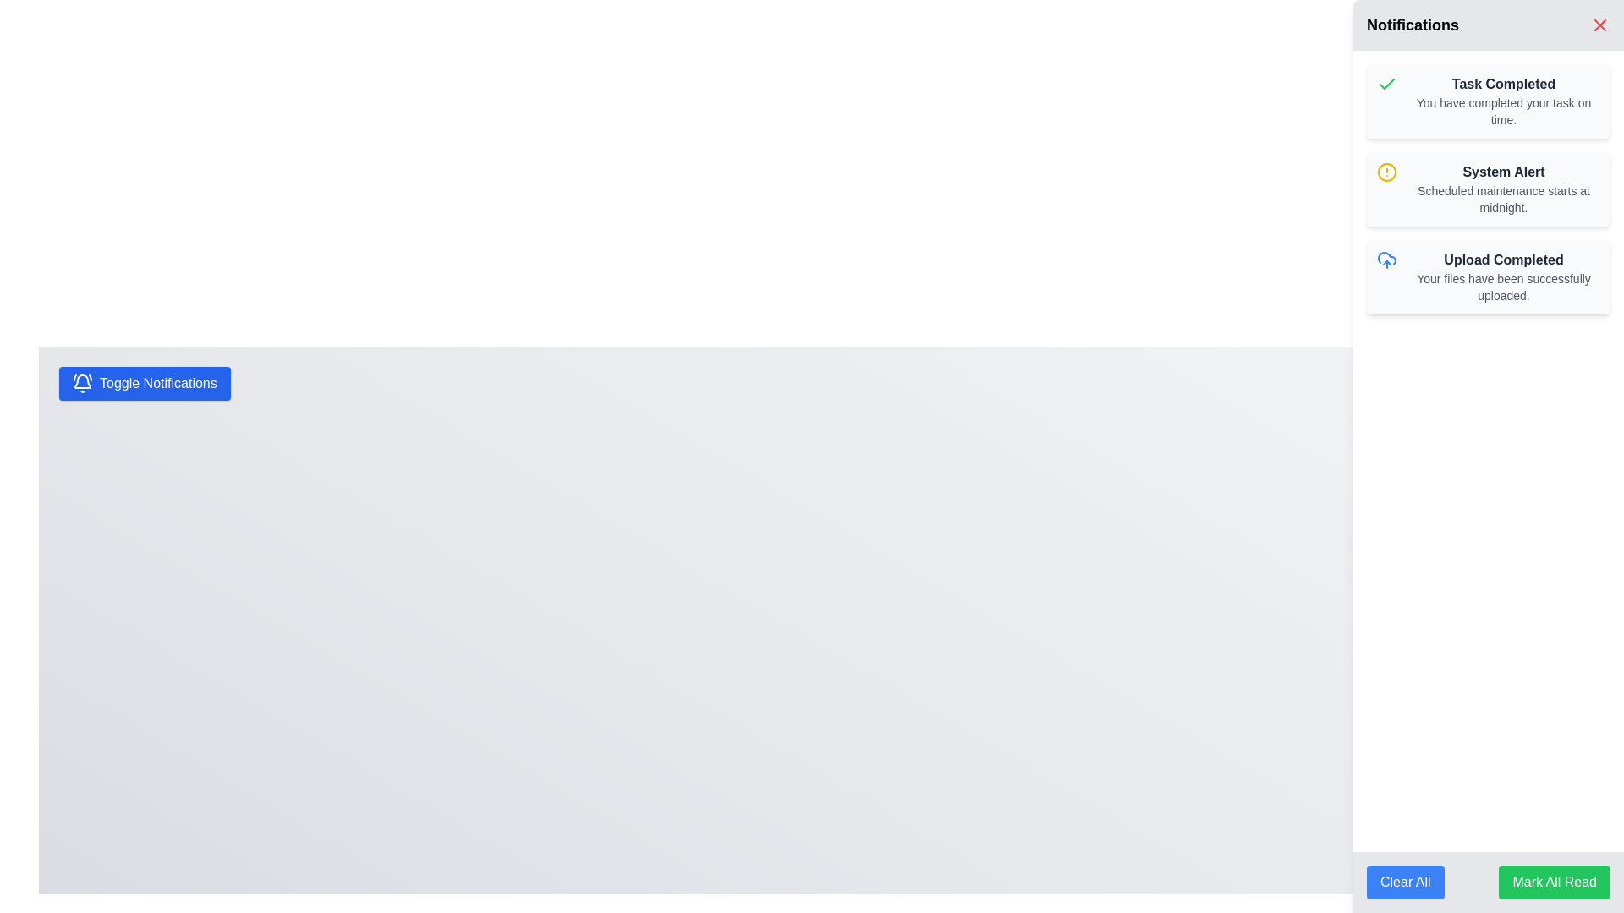  I want to click on the close button located at the top-right corner of the Notifications panel to change its color, so click(1599, 25).